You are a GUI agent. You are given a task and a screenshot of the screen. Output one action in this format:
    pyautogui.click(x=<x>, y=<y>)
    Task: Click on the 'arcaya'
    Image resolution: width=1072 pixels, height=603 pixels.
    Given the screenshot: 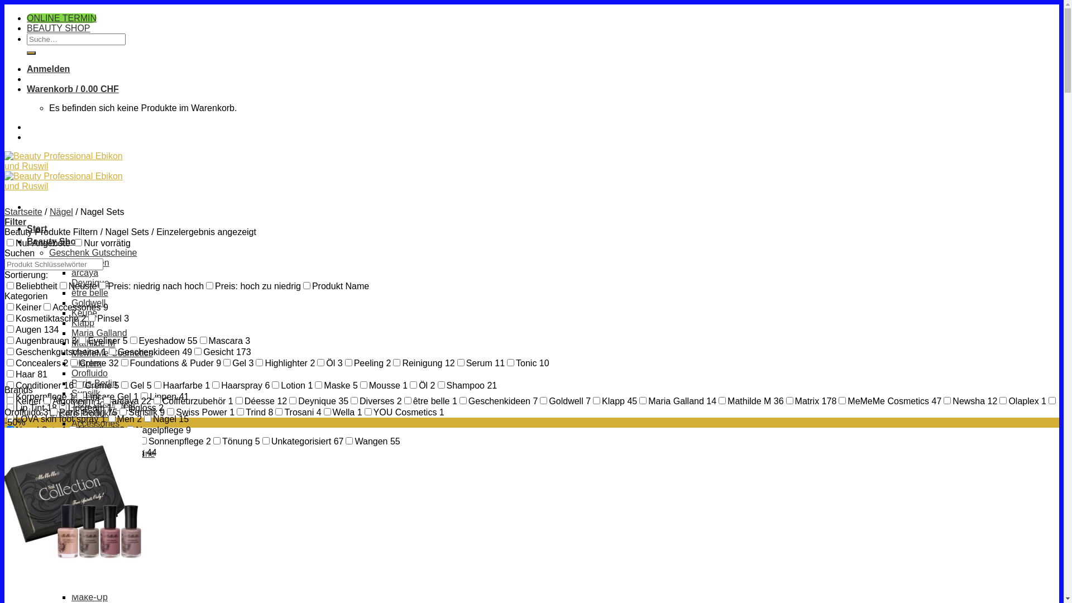 What is the action you would take?
    pyautogui.click(x=84, y=272)
    